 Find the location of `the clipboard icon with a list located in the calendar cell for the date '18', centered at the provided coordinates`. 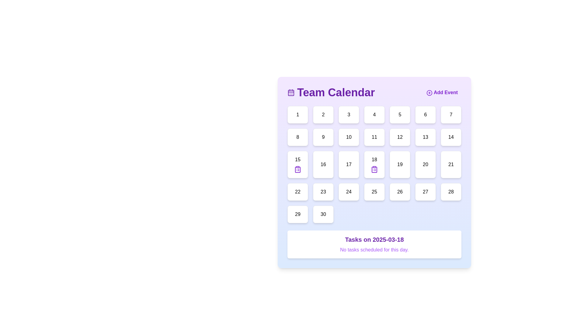

the clipboard icon with a list located in the calendar cell for the date '18', centered at the provided coordinates is located at coordinates (374, 169).